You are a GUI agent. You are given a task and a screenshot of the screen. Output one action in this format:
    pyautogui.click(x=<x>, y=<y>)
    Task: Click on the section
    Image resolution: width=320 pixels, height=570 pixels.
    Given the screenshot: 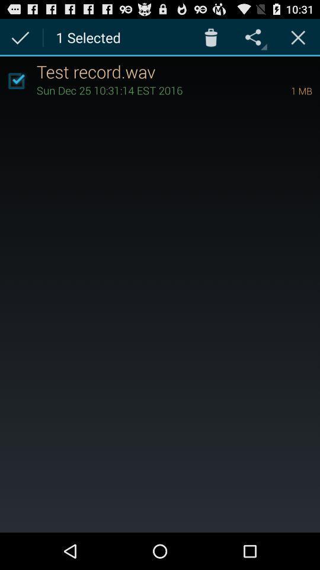 What is the action you would take?
    pyautogui.click(x=297, y=37)
    